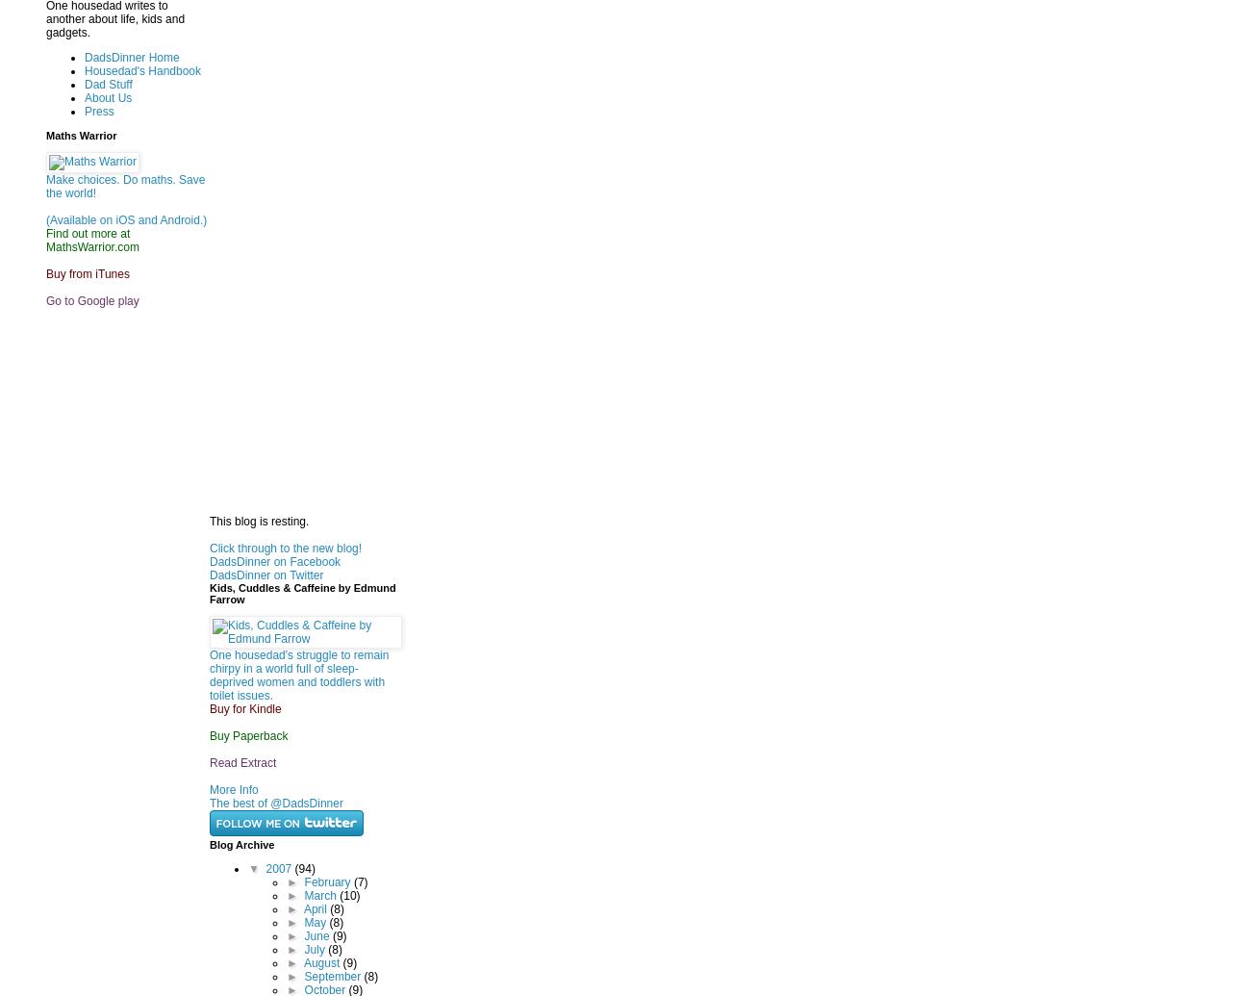  Describe the element at coordinates (303, 894) in the screenshot. I see `'March'` at that location.